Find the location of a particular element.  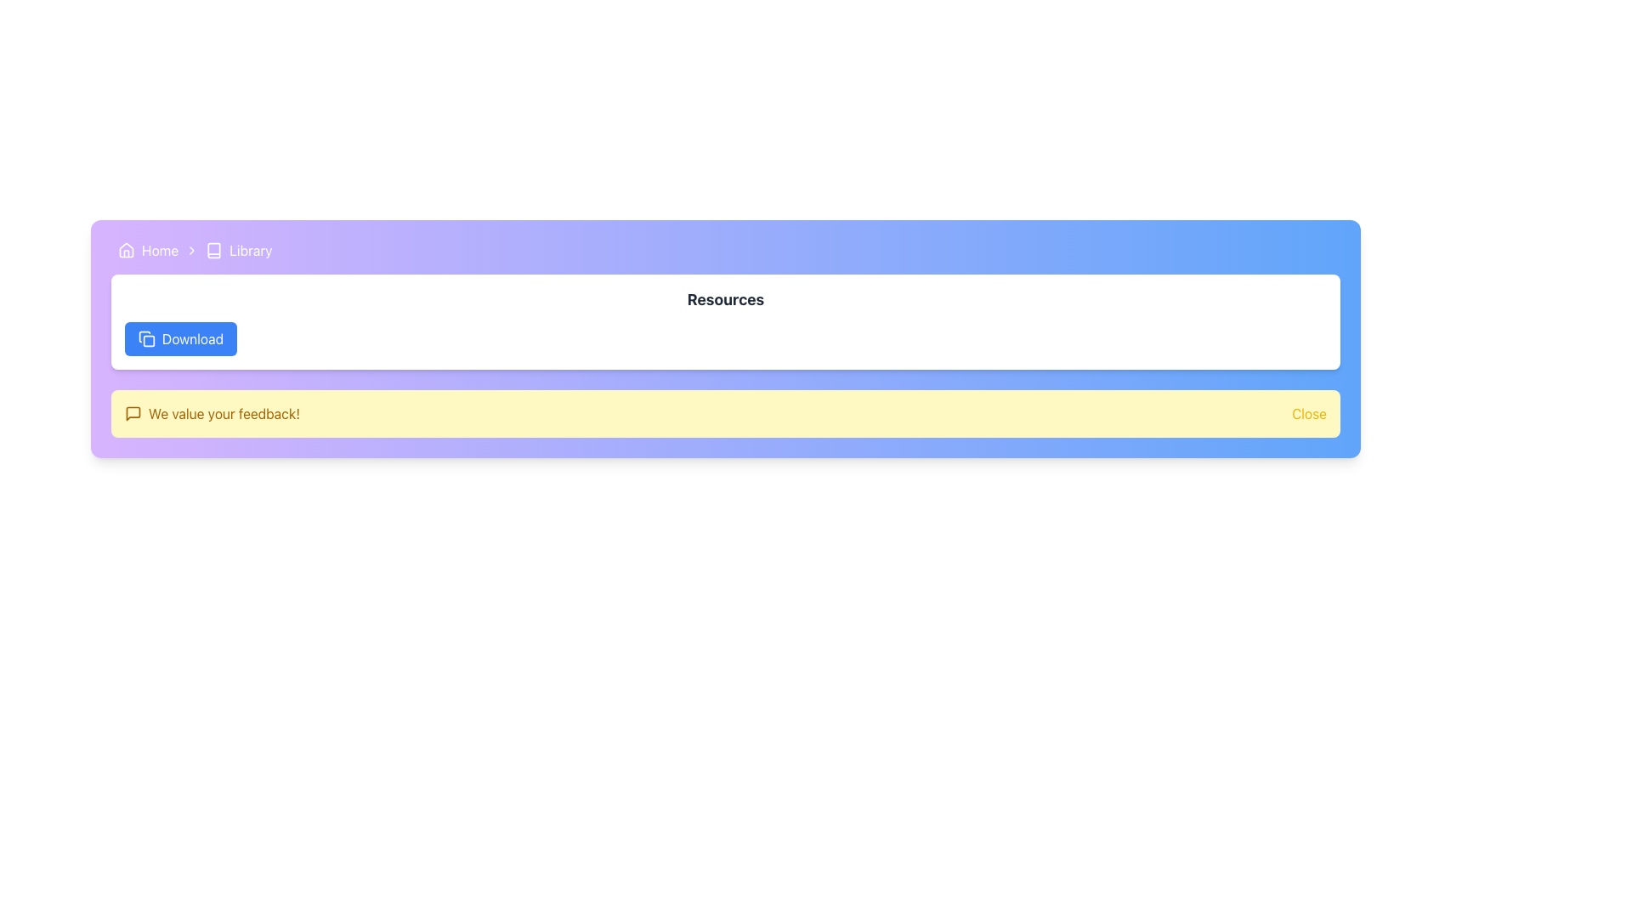

the 'Library' breadcrumb text label, which indicates the user's current location within the application is located at coordinates (250, 250).